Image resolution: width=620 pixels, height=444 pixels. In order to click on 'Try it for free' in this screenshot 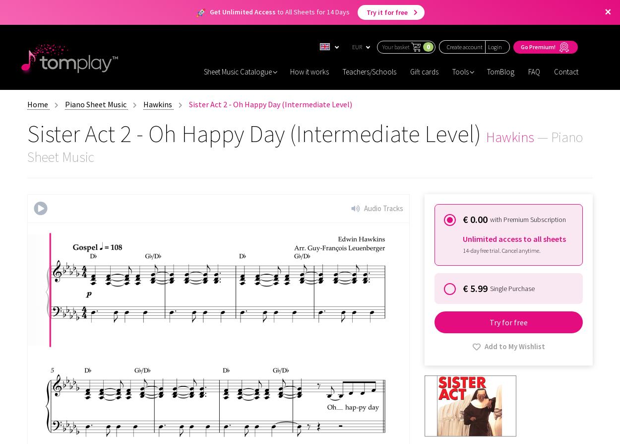, I will do `click(366, 12)`.